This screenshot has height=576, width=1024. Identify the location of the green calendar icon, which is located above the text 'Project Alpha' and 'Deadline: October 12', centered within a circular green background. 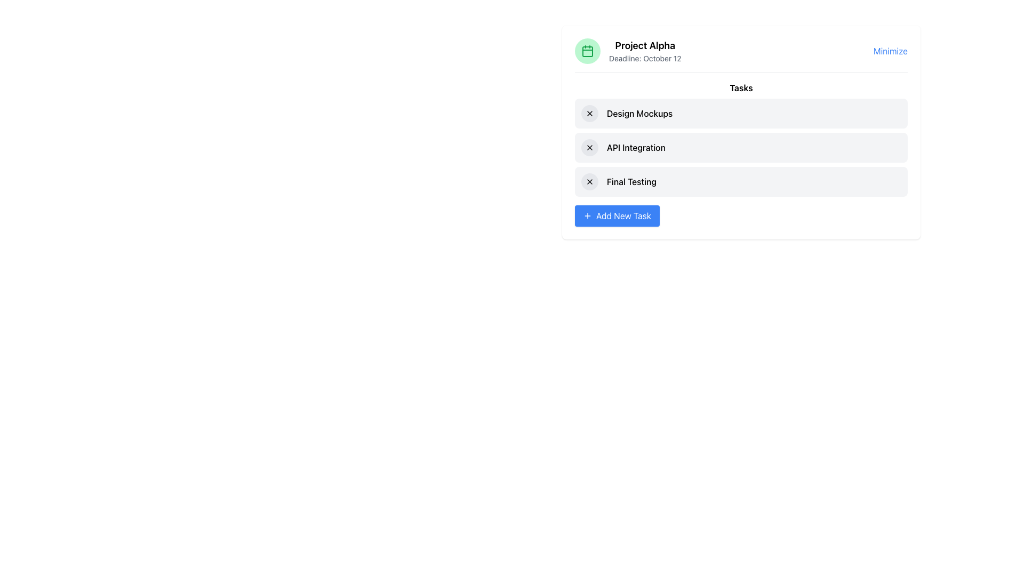
(587, 51).